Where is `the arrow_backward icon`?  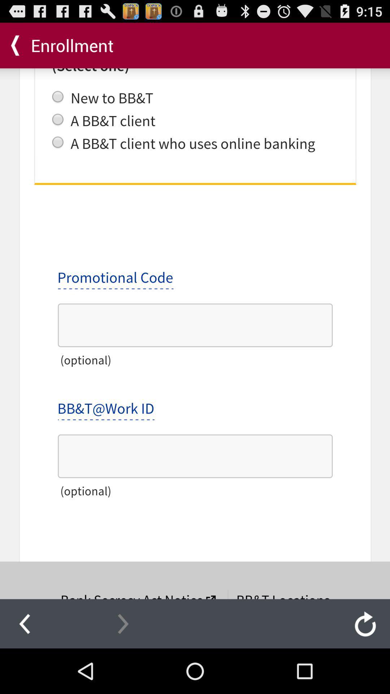 the arrow_backward icon is located at coordinates (24, 667).